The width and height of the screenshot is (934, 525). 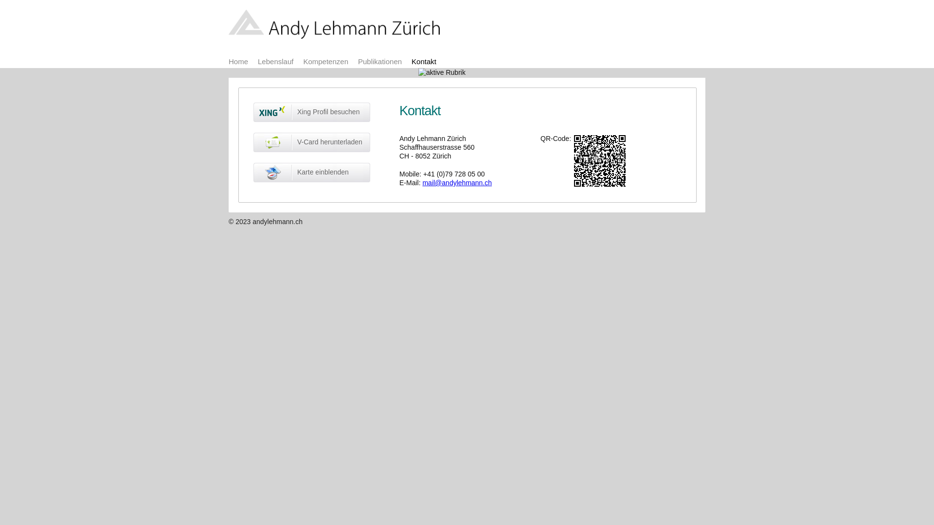 I want to click on 'Publikationen', so click(x=379, y=61).